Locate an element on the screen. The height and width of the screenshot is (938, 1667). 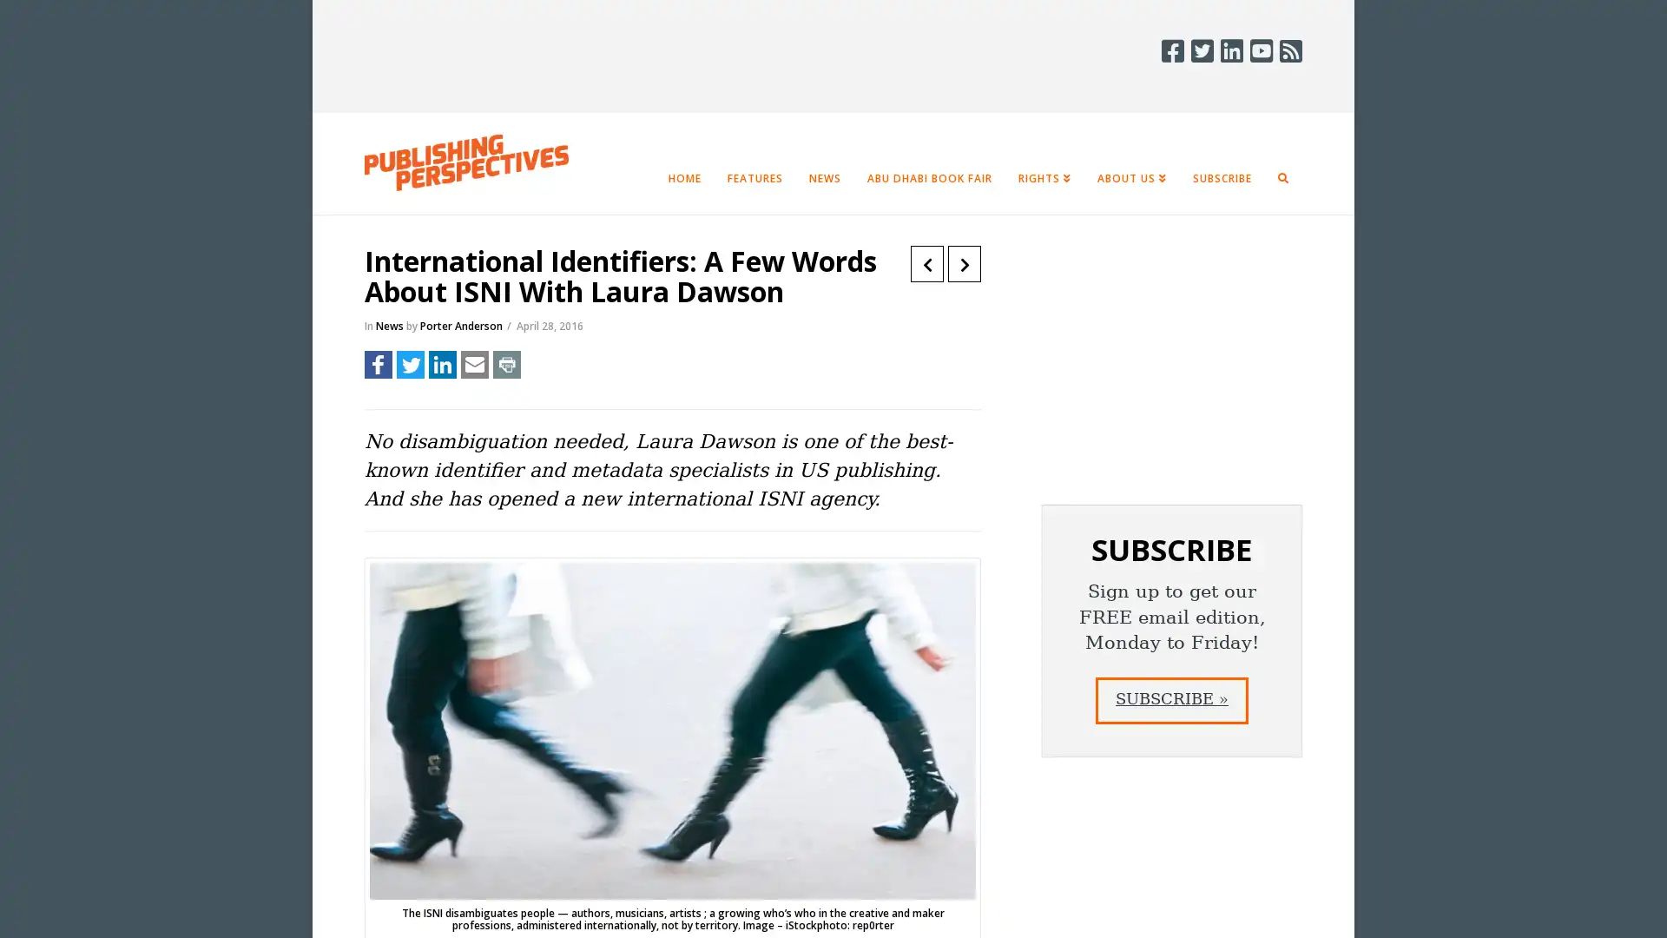
Share to Email is located at coordinates (475, 364).